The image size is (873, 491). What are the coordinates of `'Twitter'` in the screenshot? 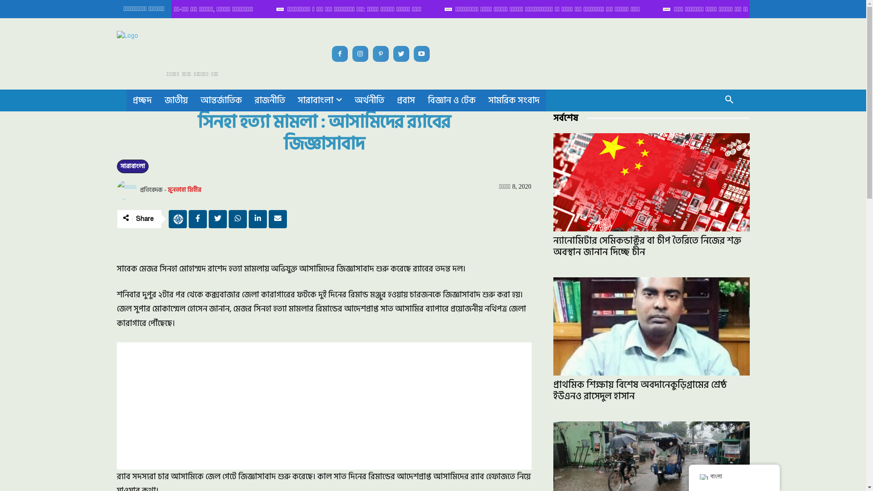 It's located at (401, 54).